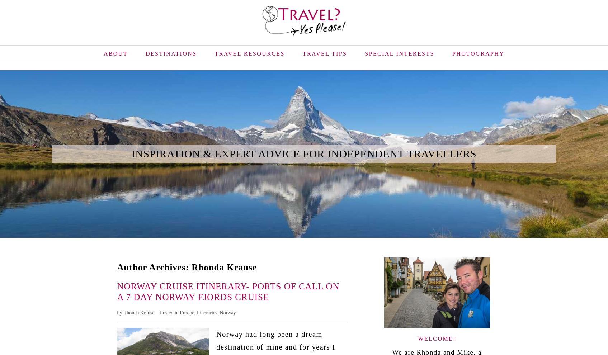 This screenshot has height=355, width=608. What do you see at coordinates (122, 94) in the screenshot?
I see `'Contact'` at bounding box center [122, 94].